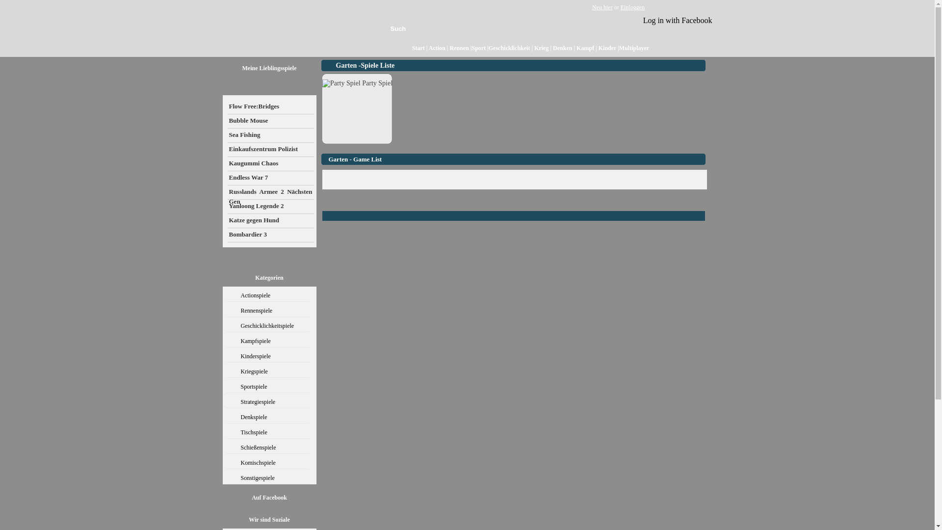 The image size is (942, 530). What do you see at coordinates (242, 67) in the screenshot?
I see `'Meine Lieblingsspiele'` at bounding box center [242, 67].